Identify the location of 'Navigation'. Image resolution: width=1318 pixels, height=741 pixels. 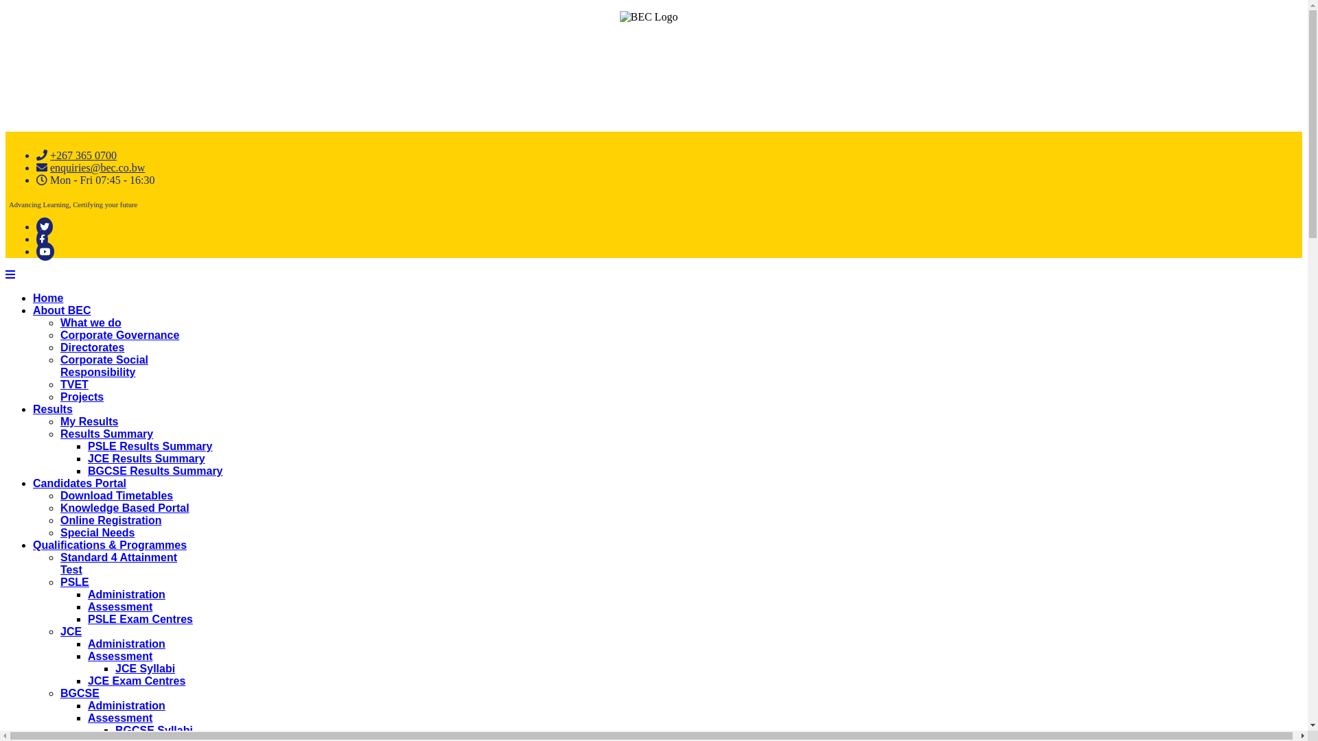
(10, 274).